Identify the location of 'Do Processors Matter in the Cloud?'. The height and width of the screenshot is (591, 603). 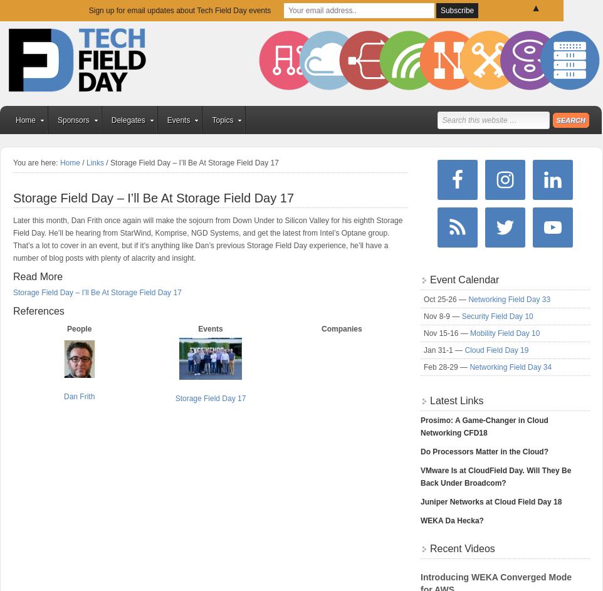
(483, 451).